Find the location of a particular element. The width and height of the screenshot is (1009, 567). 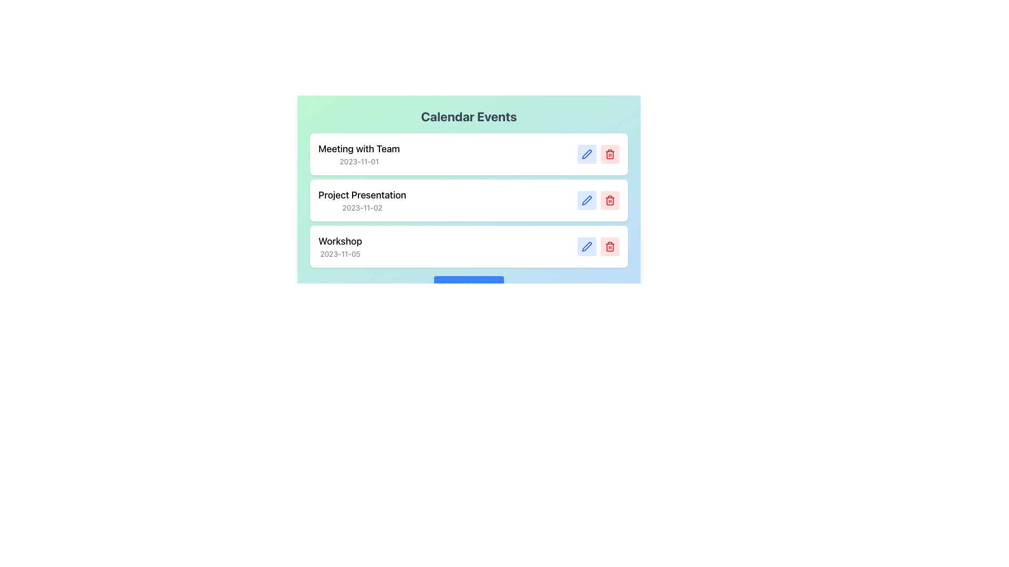

to select the event titled 'Project Presentation' dated '2023-11-02', located in the middle of the vertical layout of calendar events is located at coordinates (468, 200).